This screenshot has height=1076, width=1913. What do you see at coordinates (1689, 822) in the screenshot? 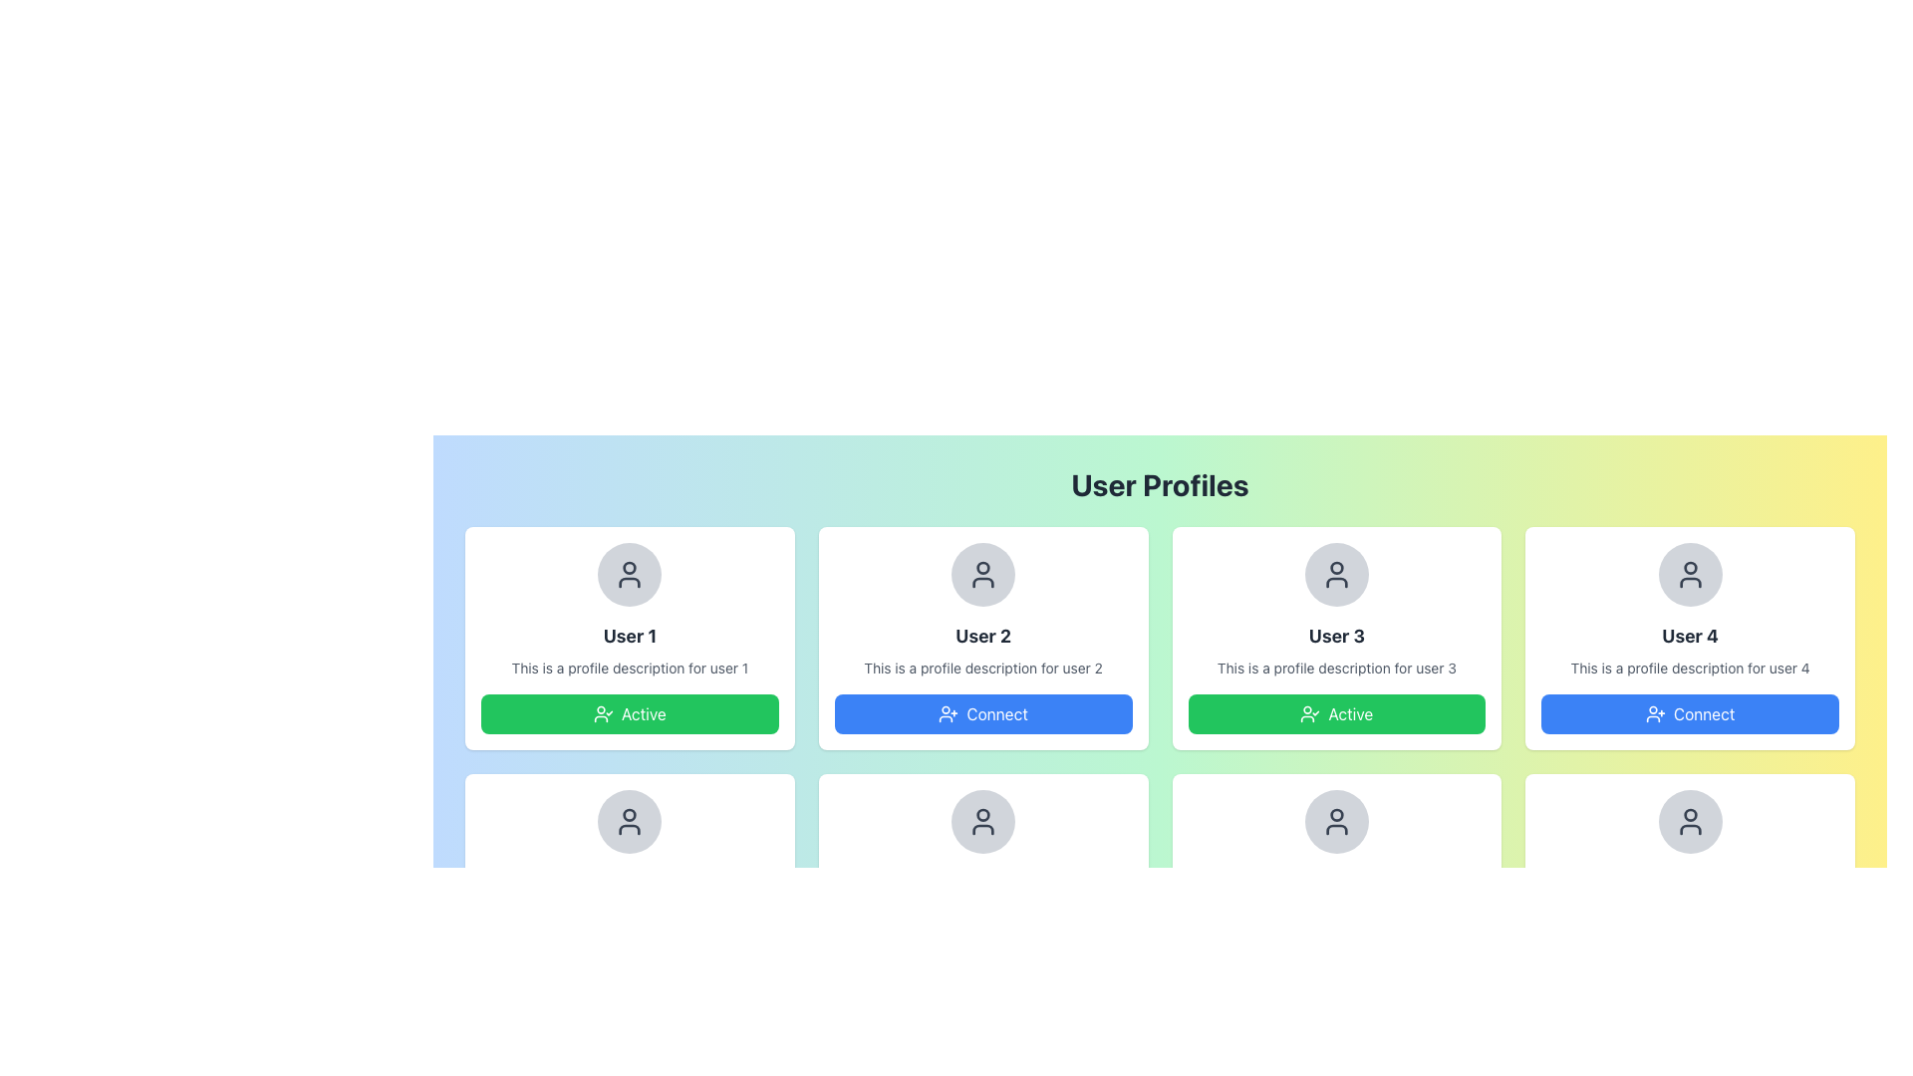
I see `the profile image placeholder for 'User 8' located at the top of the user card` at bounding box center [1689, 822].